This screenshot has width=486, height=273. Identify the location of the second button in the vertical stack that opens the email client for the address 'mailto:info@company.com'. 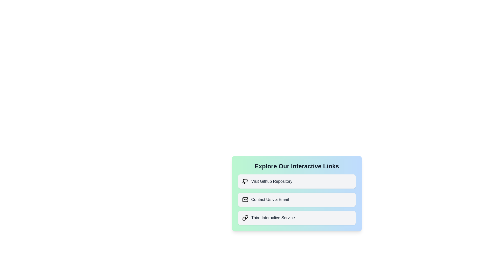
(297, 199).